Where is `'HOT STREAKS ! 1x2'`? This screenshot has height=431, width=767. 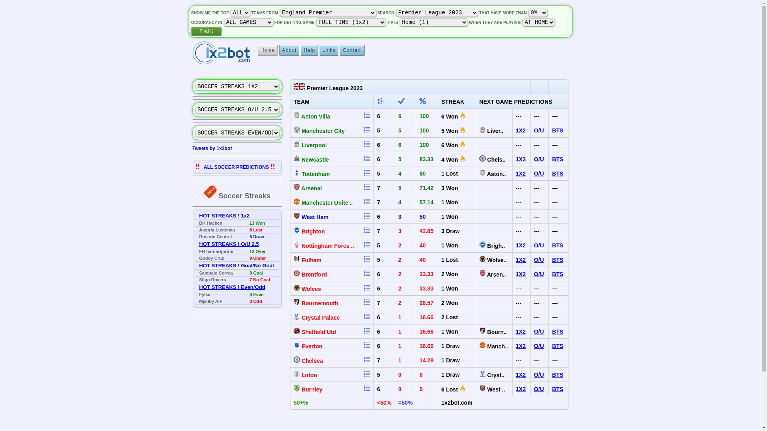
'HOT STREAKS ! 1x2' is located at coordinates (199, 215).